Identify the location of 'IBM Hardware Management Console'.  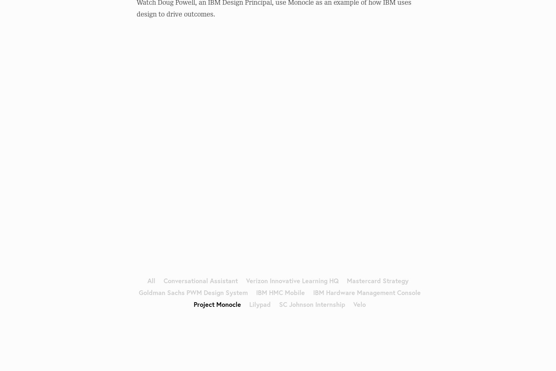
(367, 291).